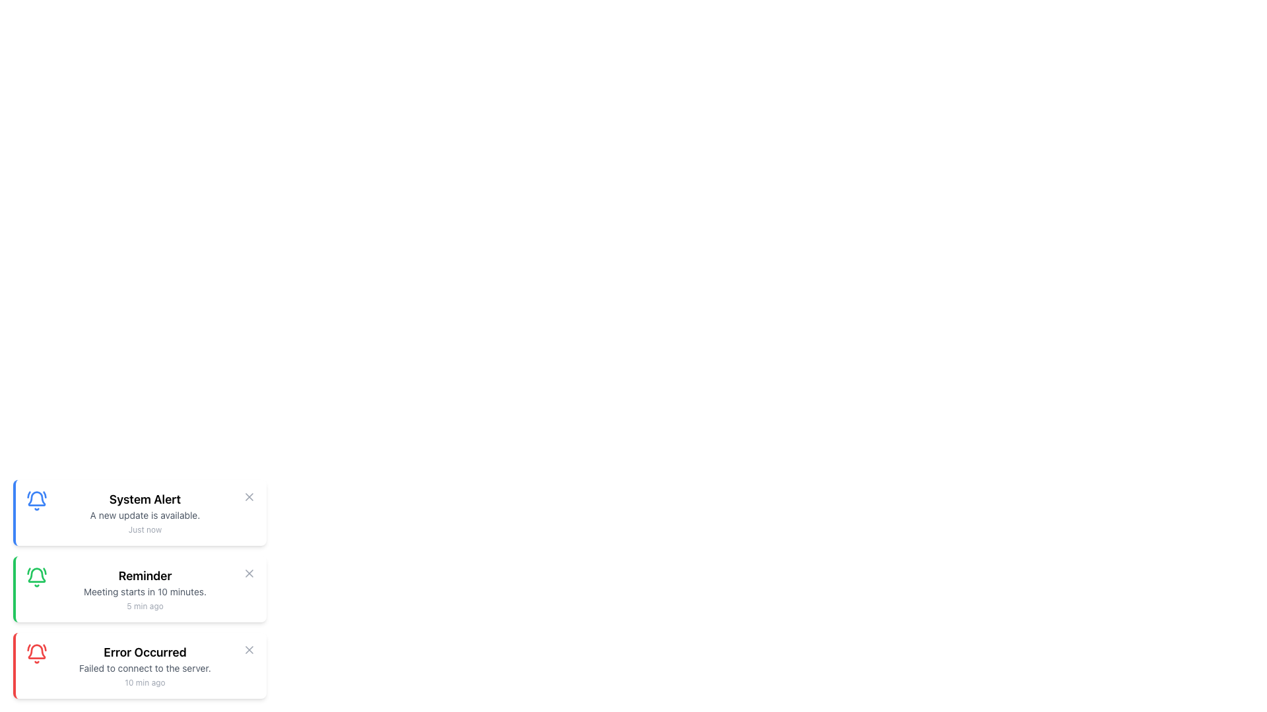 The image size is (1267, 712). Describe the element at coordinates (249, 496) in the screenshot. I see `the 'X' shaped icon in the top-right corner of the 'System Alert' notification card` at that location.